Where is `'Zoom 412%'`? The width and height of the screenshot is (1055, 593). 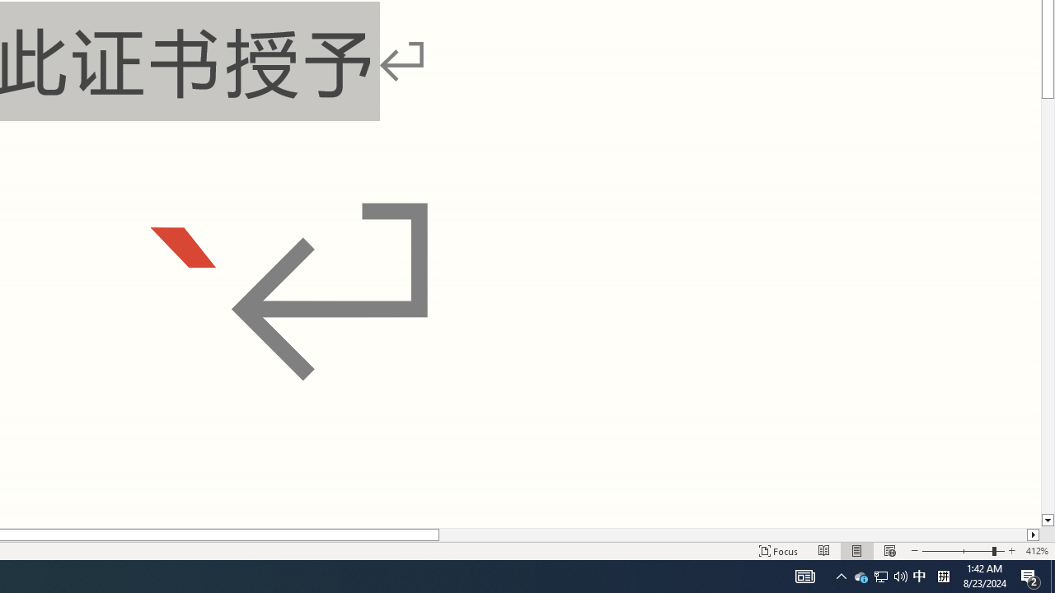 'Zoom 412%' is located at coordinates (1036, 551).